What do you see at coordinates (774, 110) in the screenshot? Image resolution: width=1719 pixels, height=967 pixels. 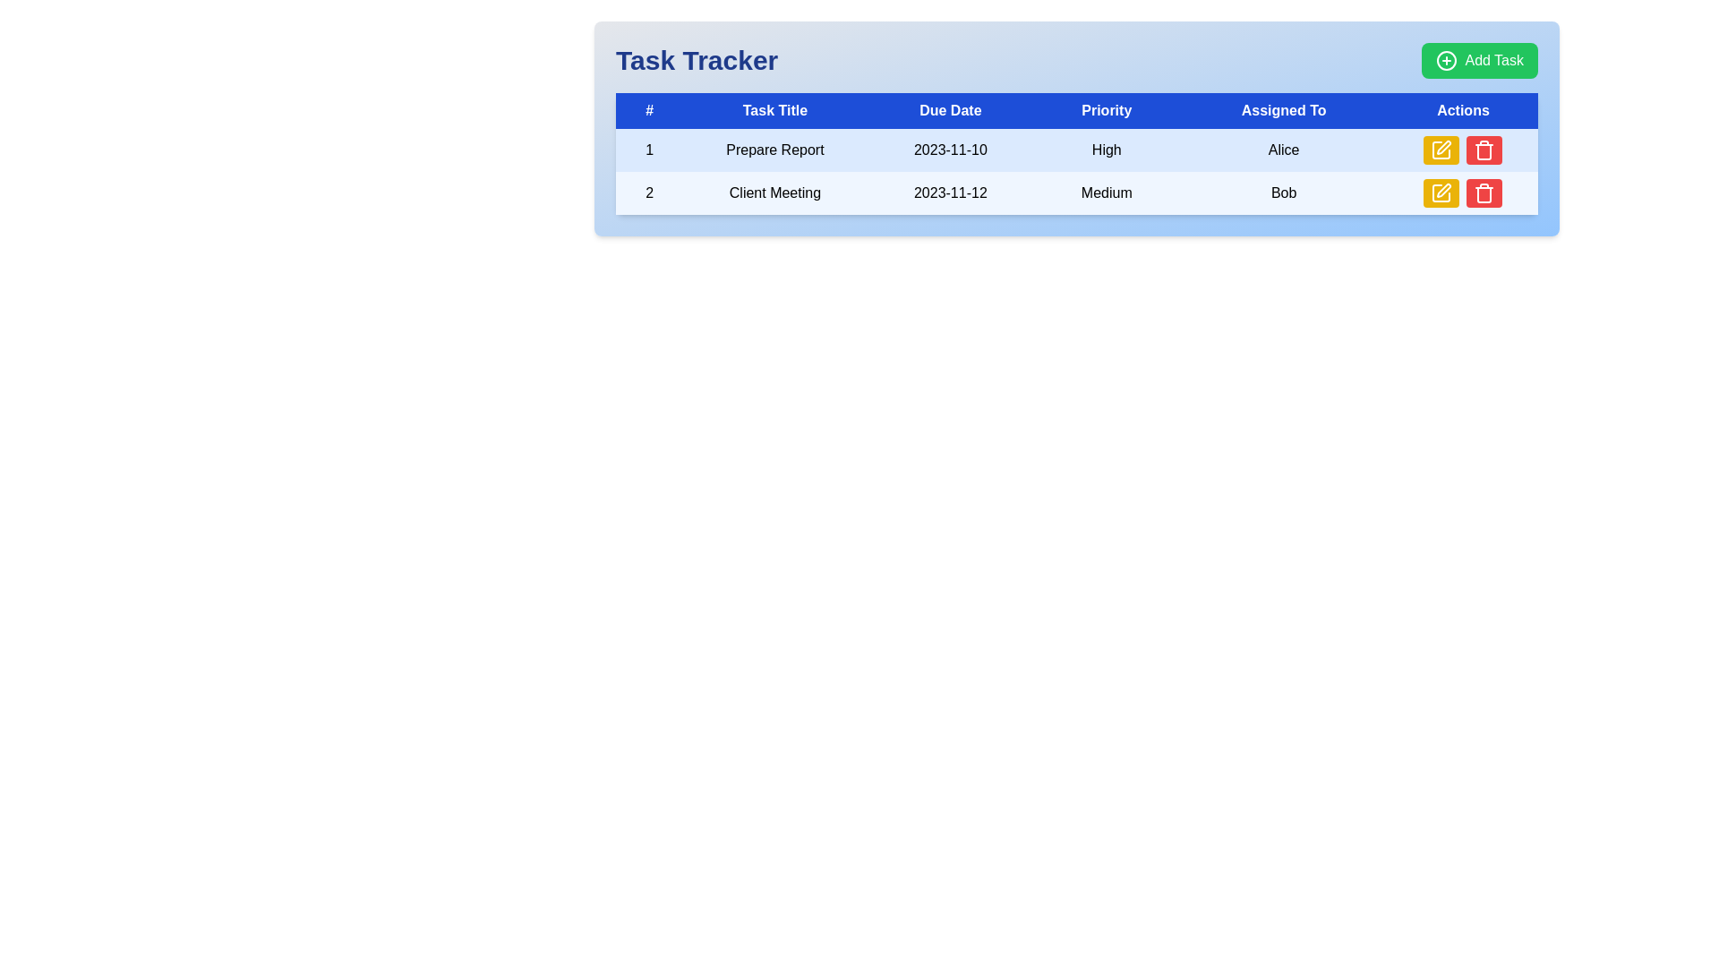 I see `the second column header labeled 'Task Title', which is a bold white text on a blue background in a table layout` at bounding box center [774, 110].